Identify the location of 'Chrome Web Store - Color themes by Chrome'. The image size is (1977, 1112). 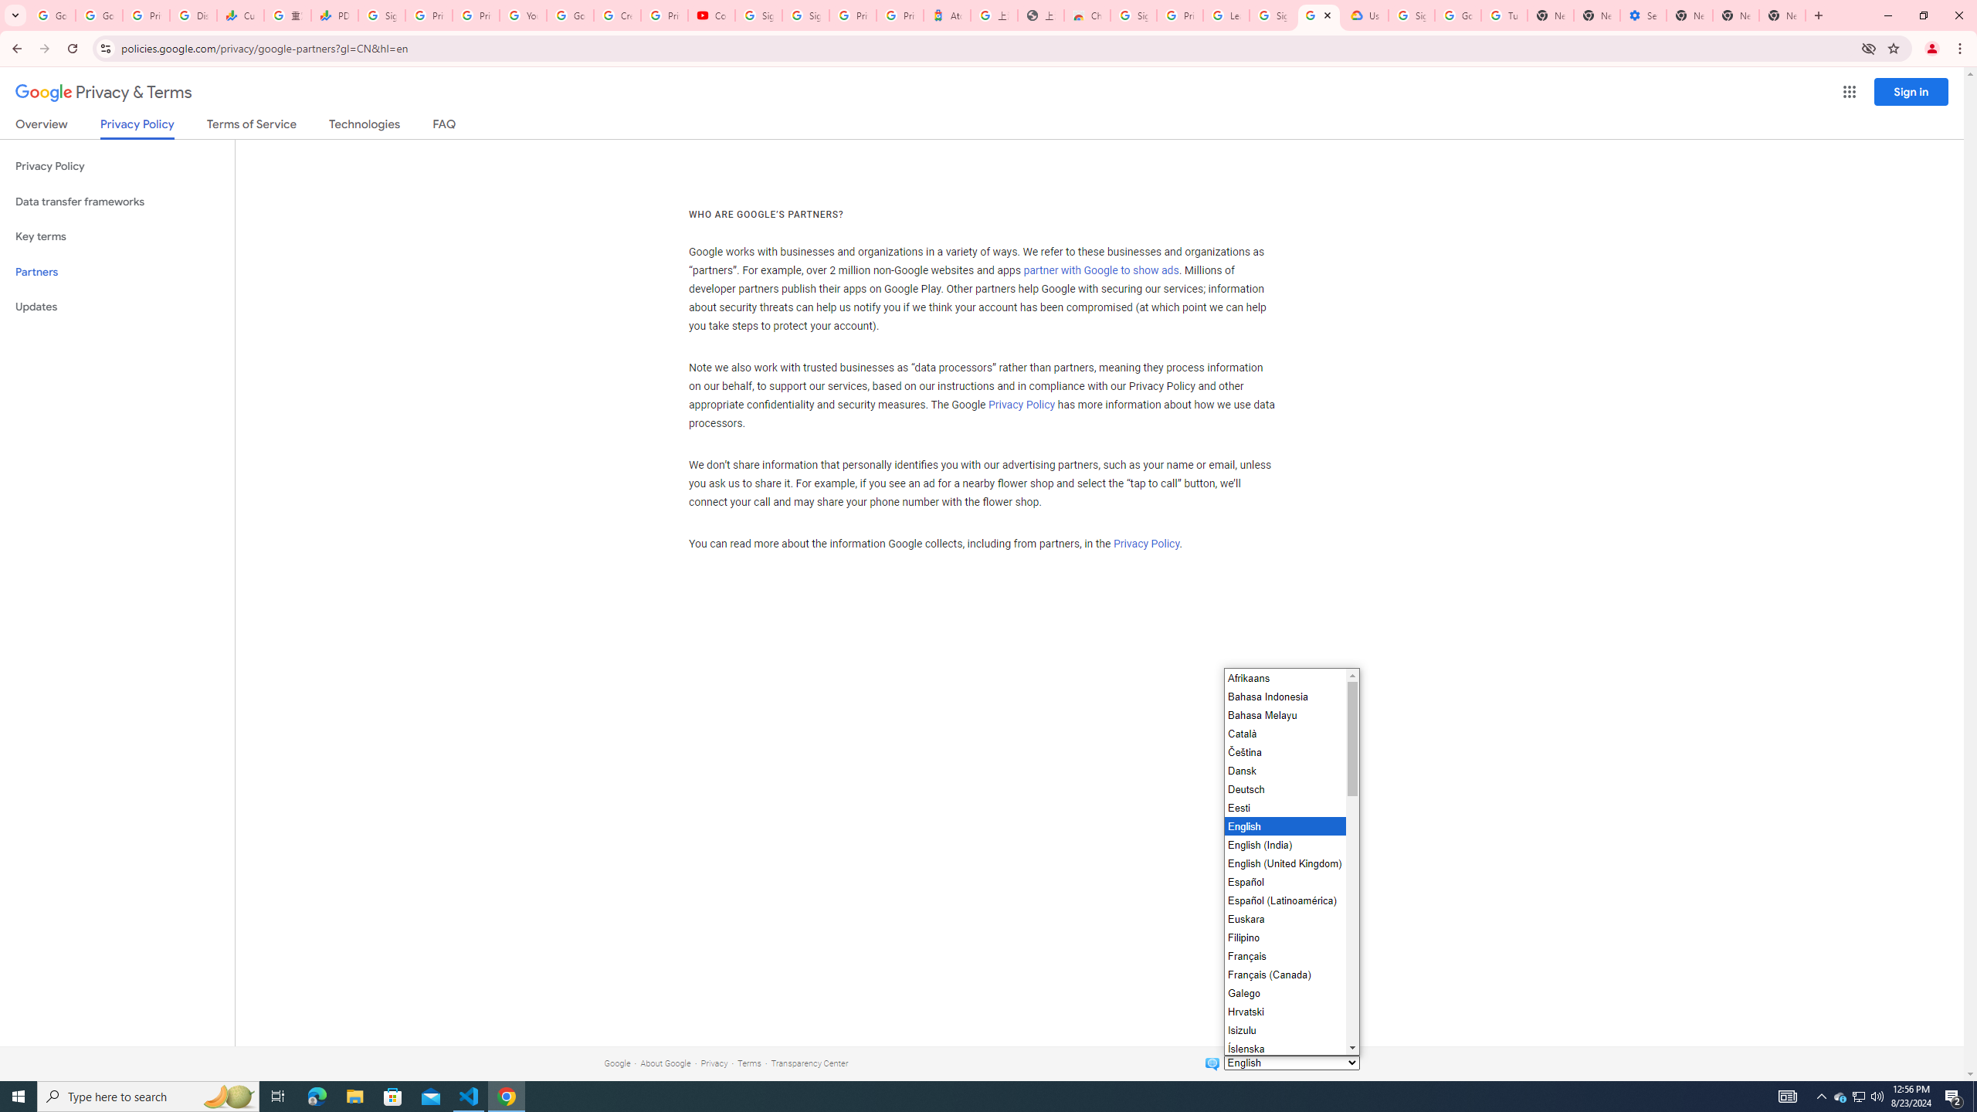
(1087, 15).